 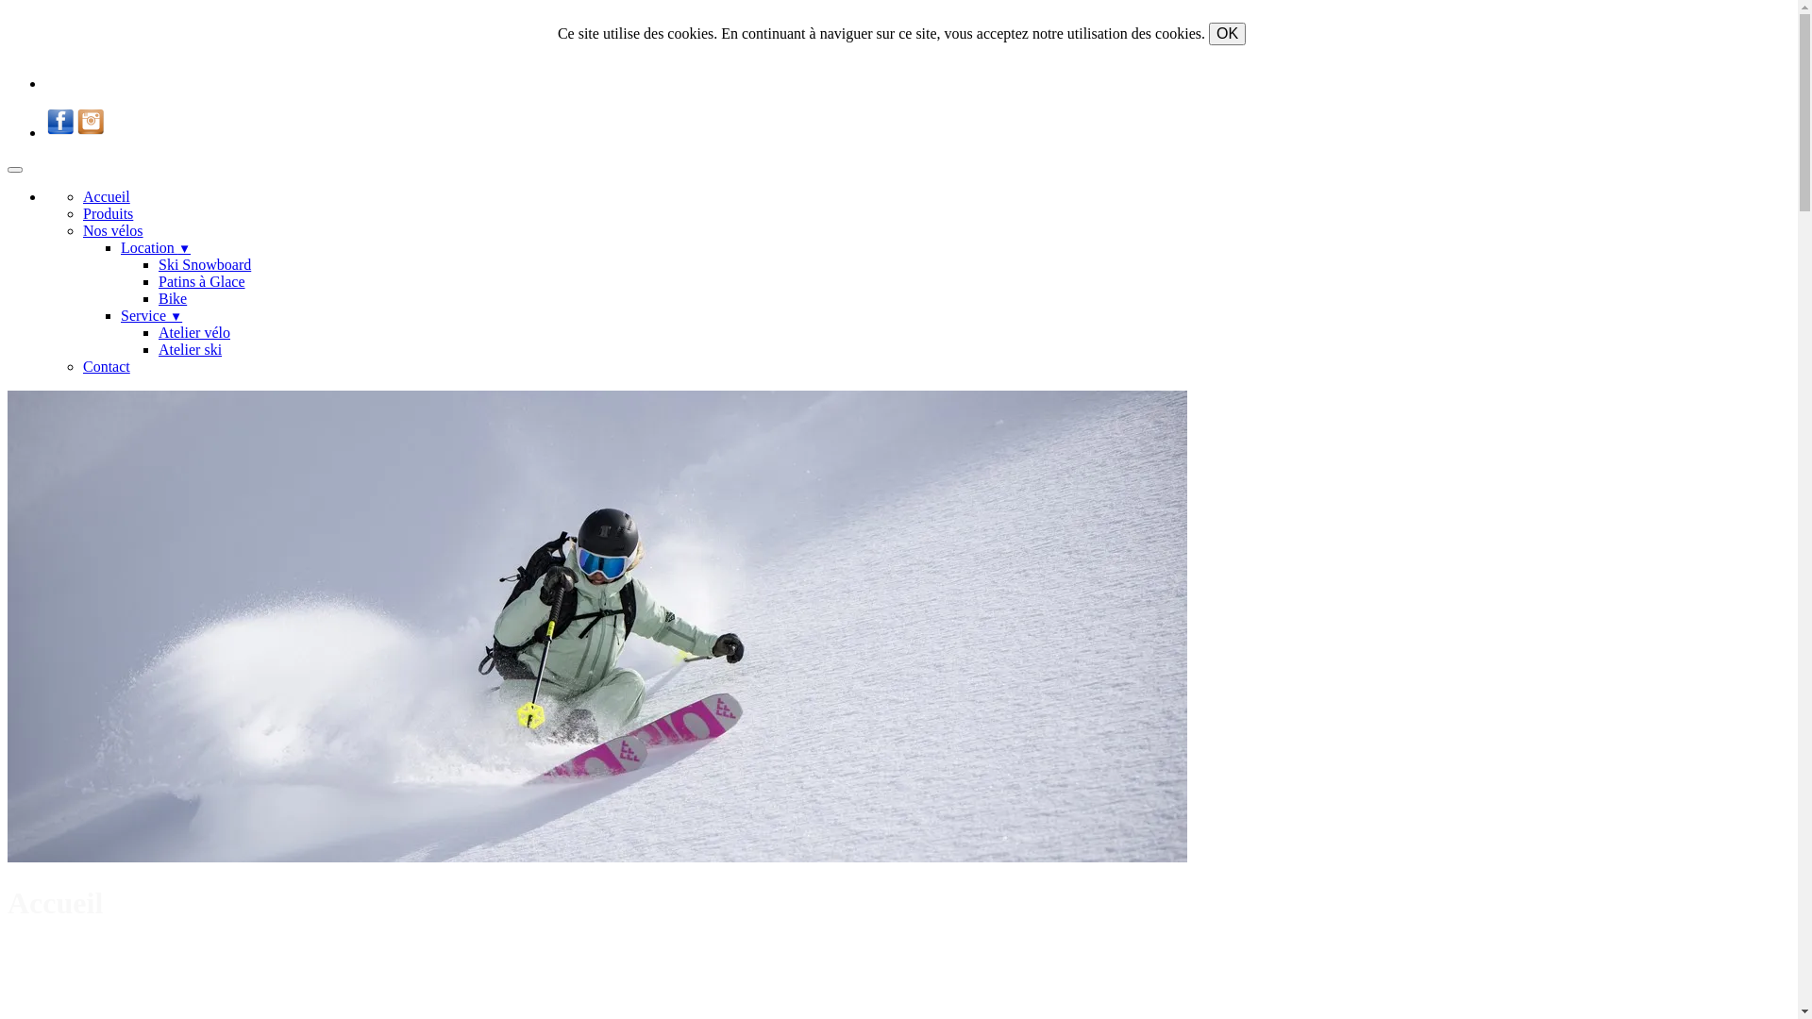 I want to click on 'Ski Snowboard', so click(x=204, y=264).